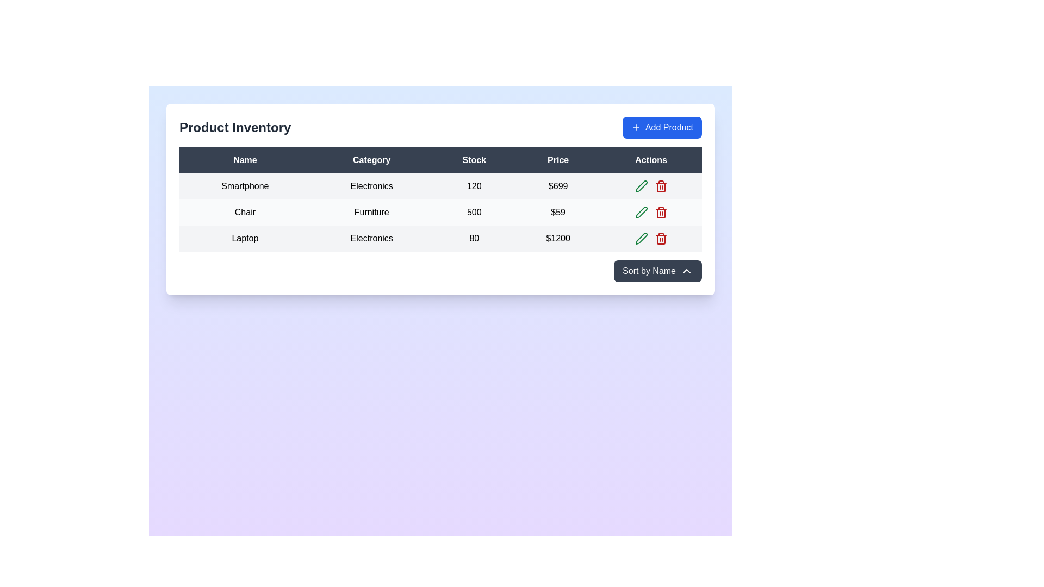  What do you see at coordinates (558, 238) in the screenshot?
I see `the price display of the 'Laptop' product located in the fourth column of the third row in the data table` at bounding box center [558, 238].